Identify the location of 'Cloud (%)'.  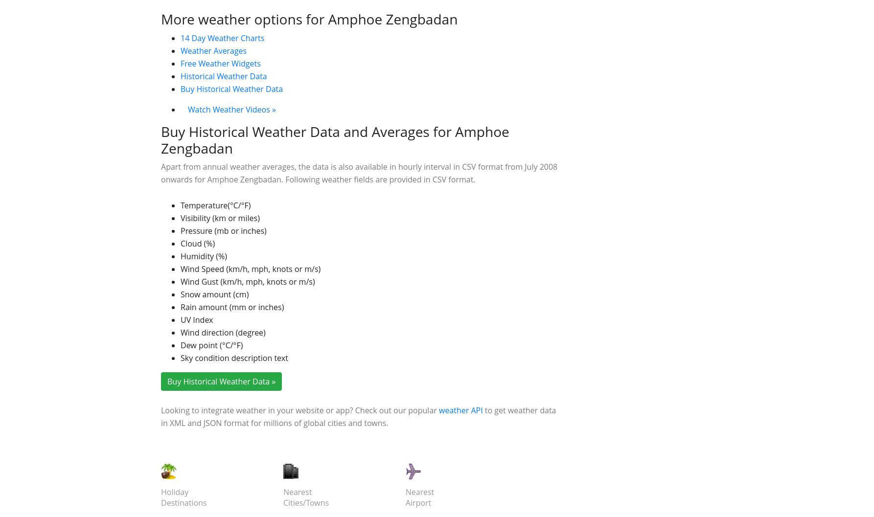
(197, 388).